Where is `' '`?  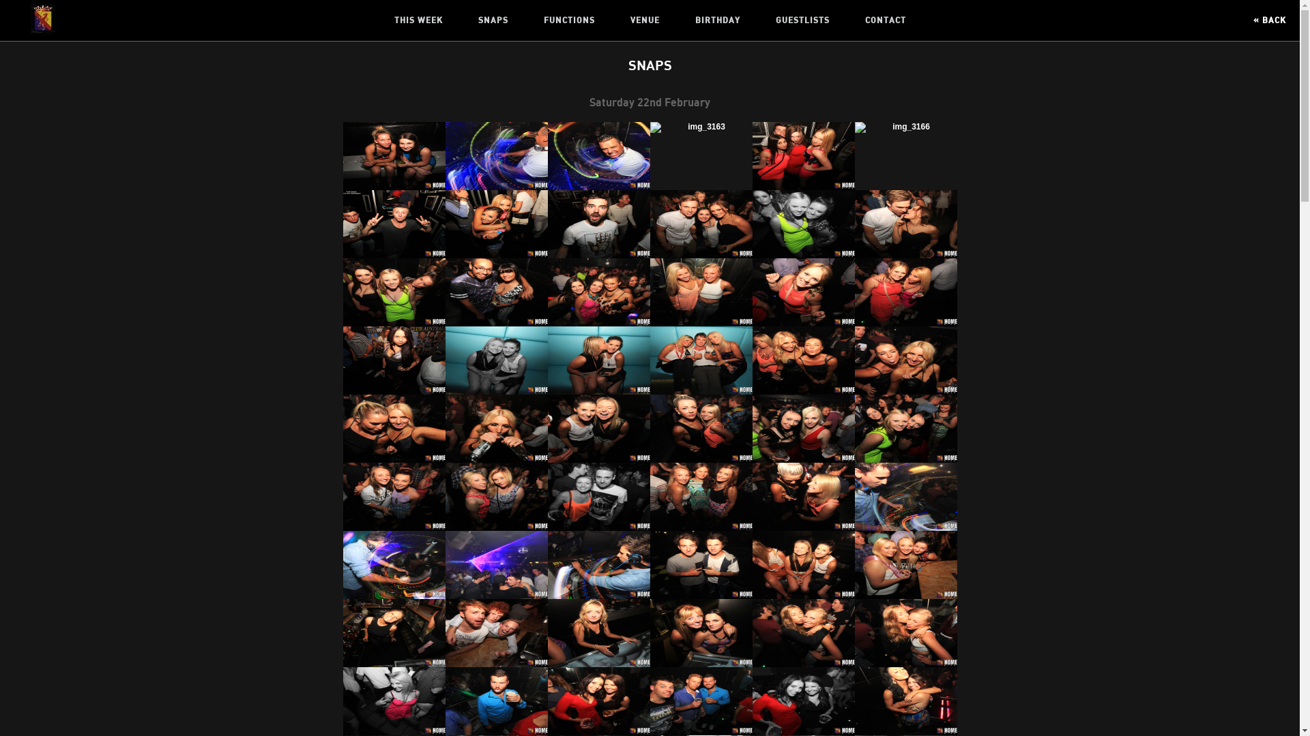
' ' is located at coordinates (701, 223).